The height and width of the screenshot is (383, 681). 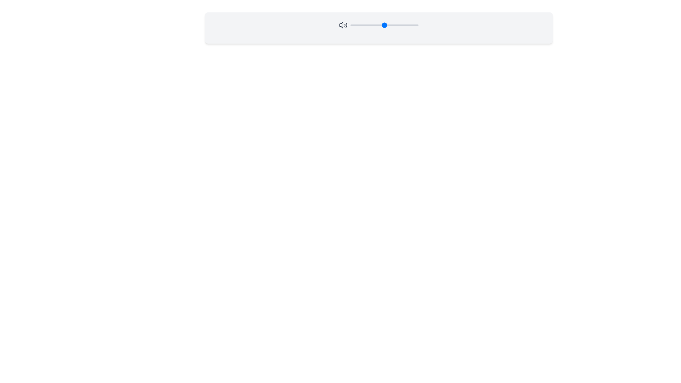 I want to click on the slider, so click(x=368, y=24).